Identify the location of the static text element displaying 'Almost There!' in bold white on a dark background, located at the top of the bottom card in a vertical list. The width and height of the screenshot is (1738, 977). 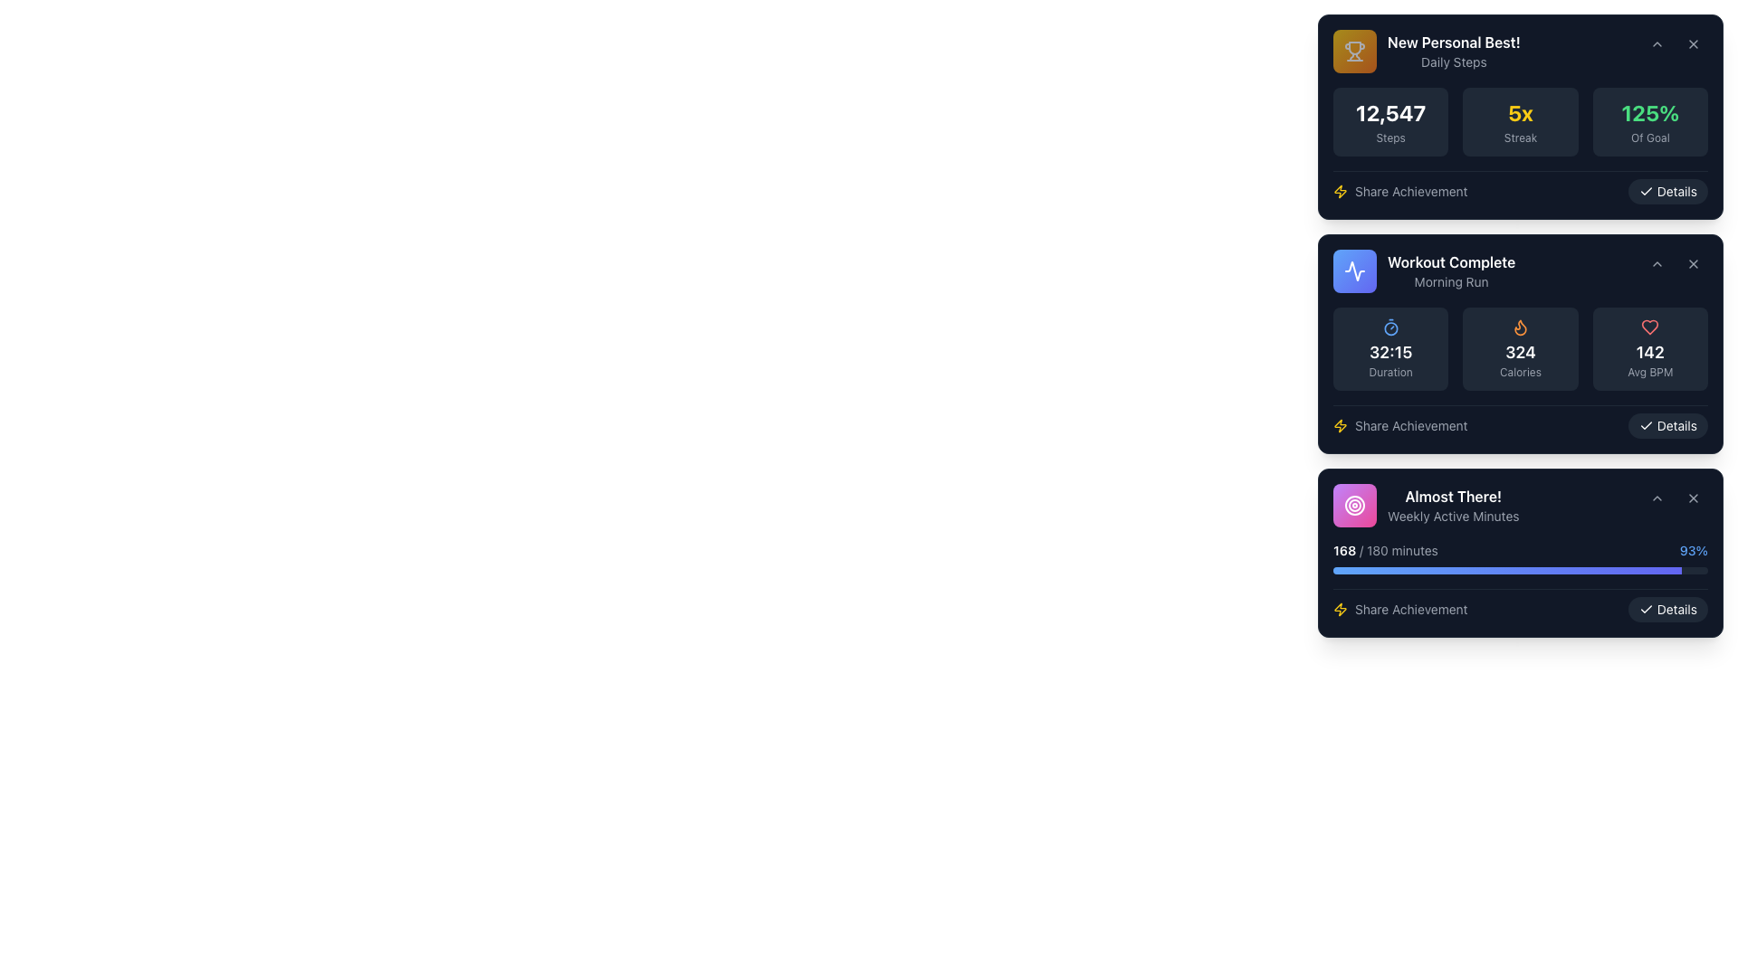
(1453, 496).